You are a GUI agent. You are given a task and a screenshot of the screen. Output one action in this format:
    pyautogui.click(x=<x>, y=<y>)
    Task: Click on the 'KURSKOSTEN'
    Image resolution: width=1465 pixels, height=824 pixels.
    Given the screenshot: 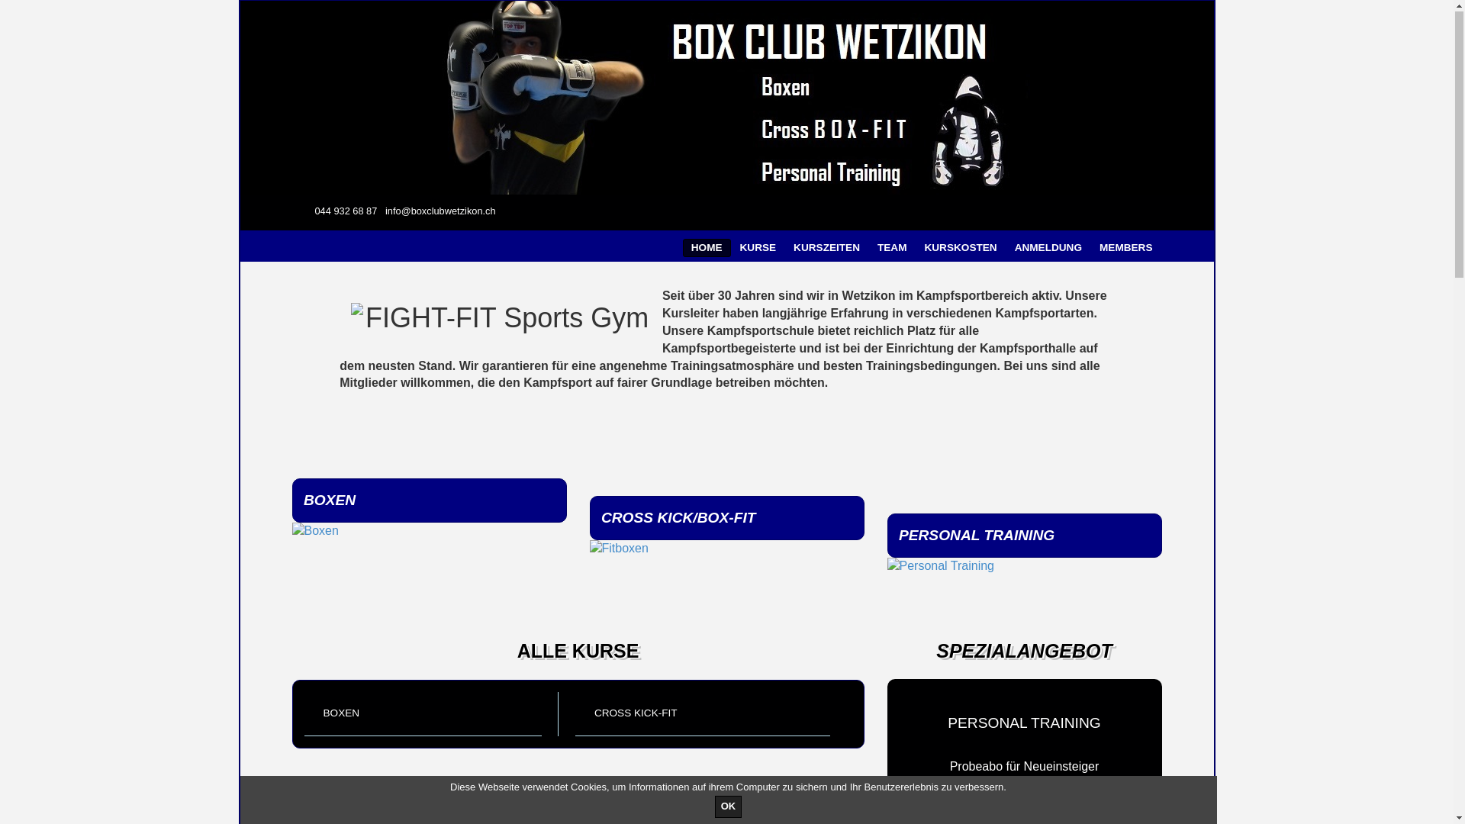 What is the action you would take?
    pyautogui.click(x=959, y=247)
    